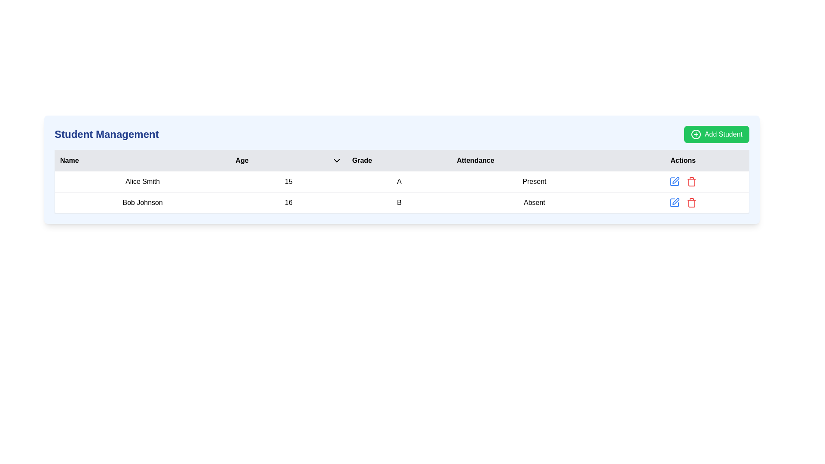  What do you see at coordinates (675, 180) in the screenshot?
I see `the pen icon of the edit button located in the 'Actions' column of the table row corresponding to 'Alice Smith' to initiate editing` at bounding box center [675, 180].